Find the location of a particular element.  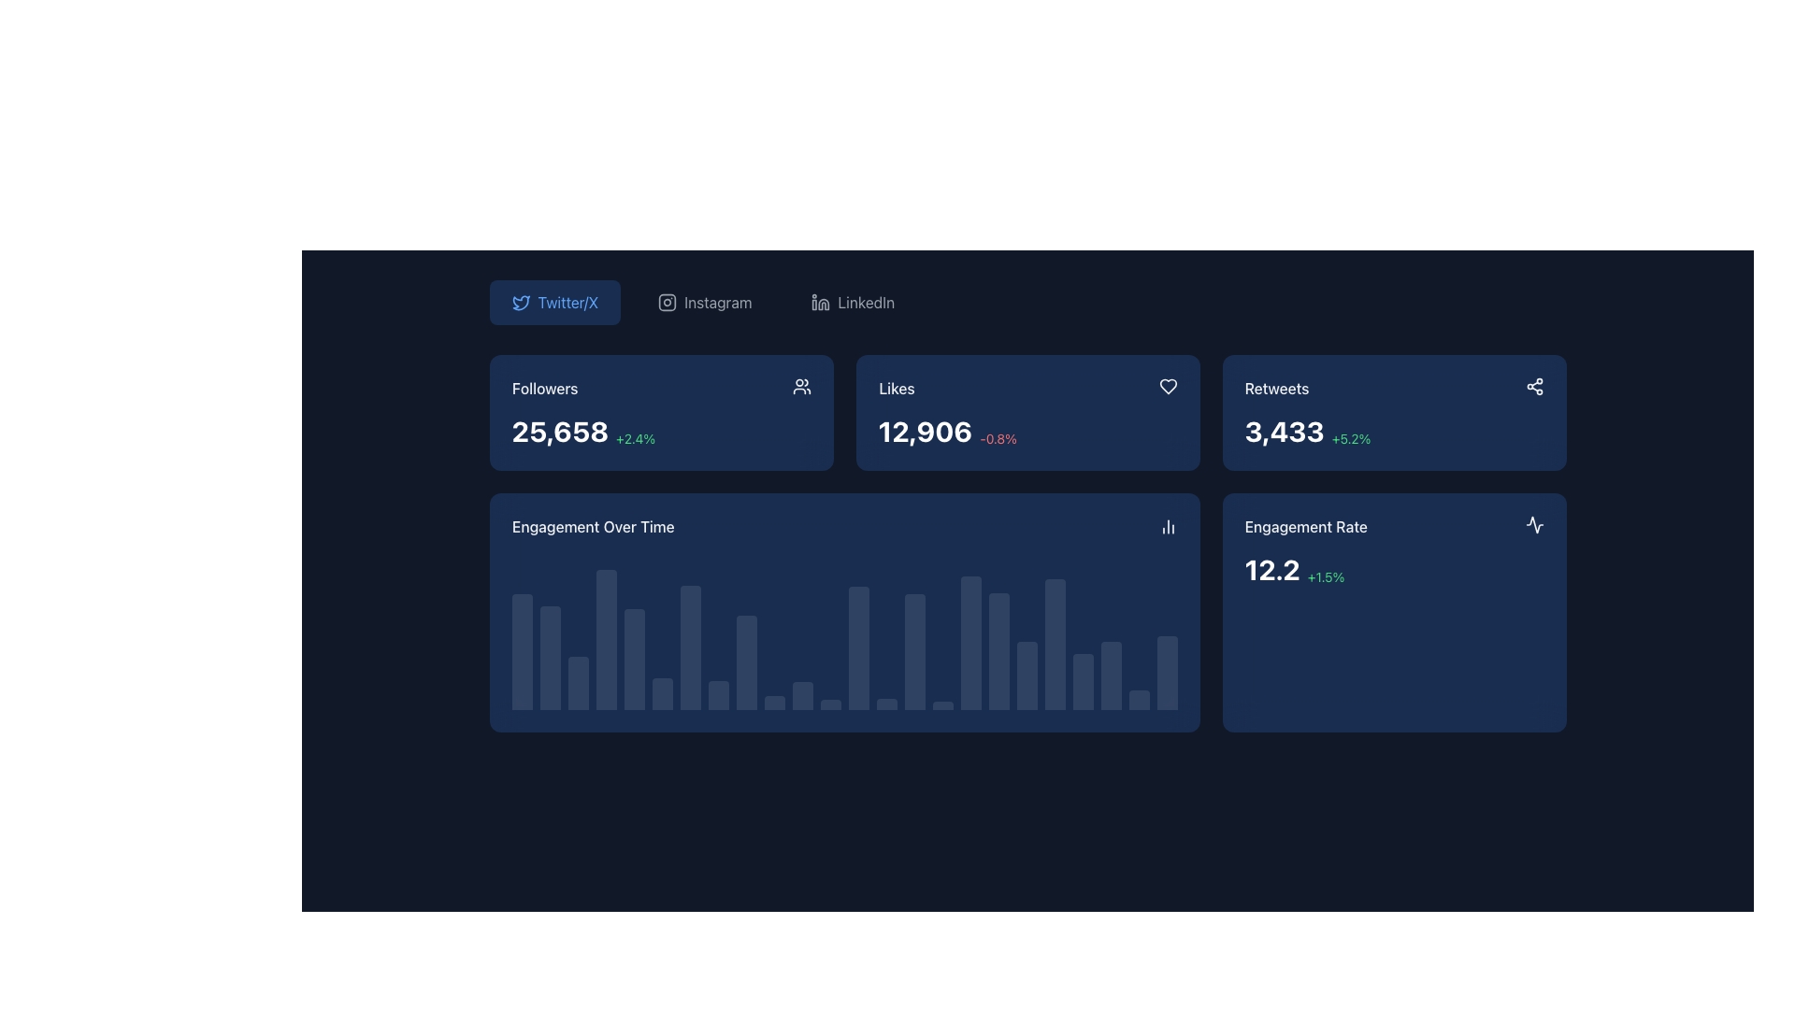

text content displayed as '+2.4%' in the green font within the dark blue card labeled 'Followers' located on the right-hand side of the card is located at coordinates (636, 439).